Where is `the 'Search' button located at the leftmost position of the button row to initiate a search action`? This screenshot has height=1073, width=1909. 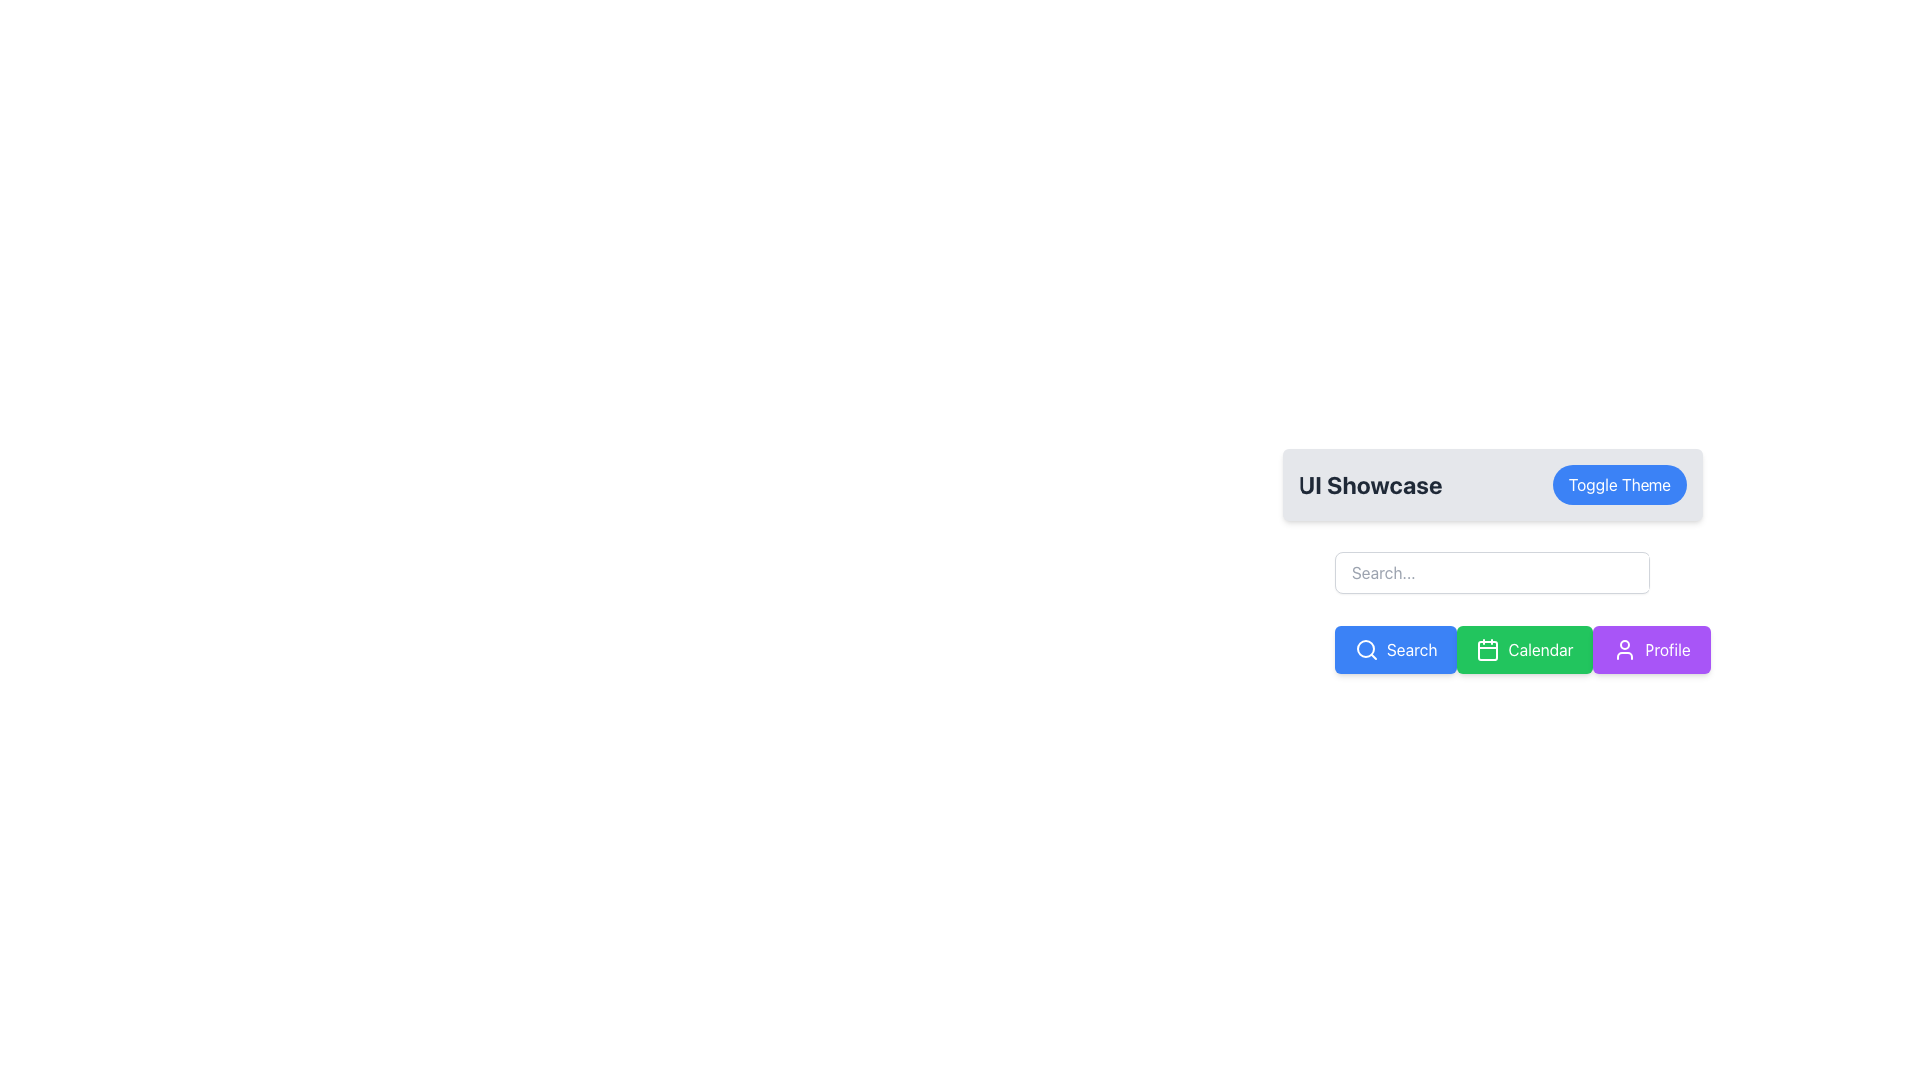 the 'Search' button located at the leftmost position of the button row to initiate a search action is located at coordinates (1395, 650).